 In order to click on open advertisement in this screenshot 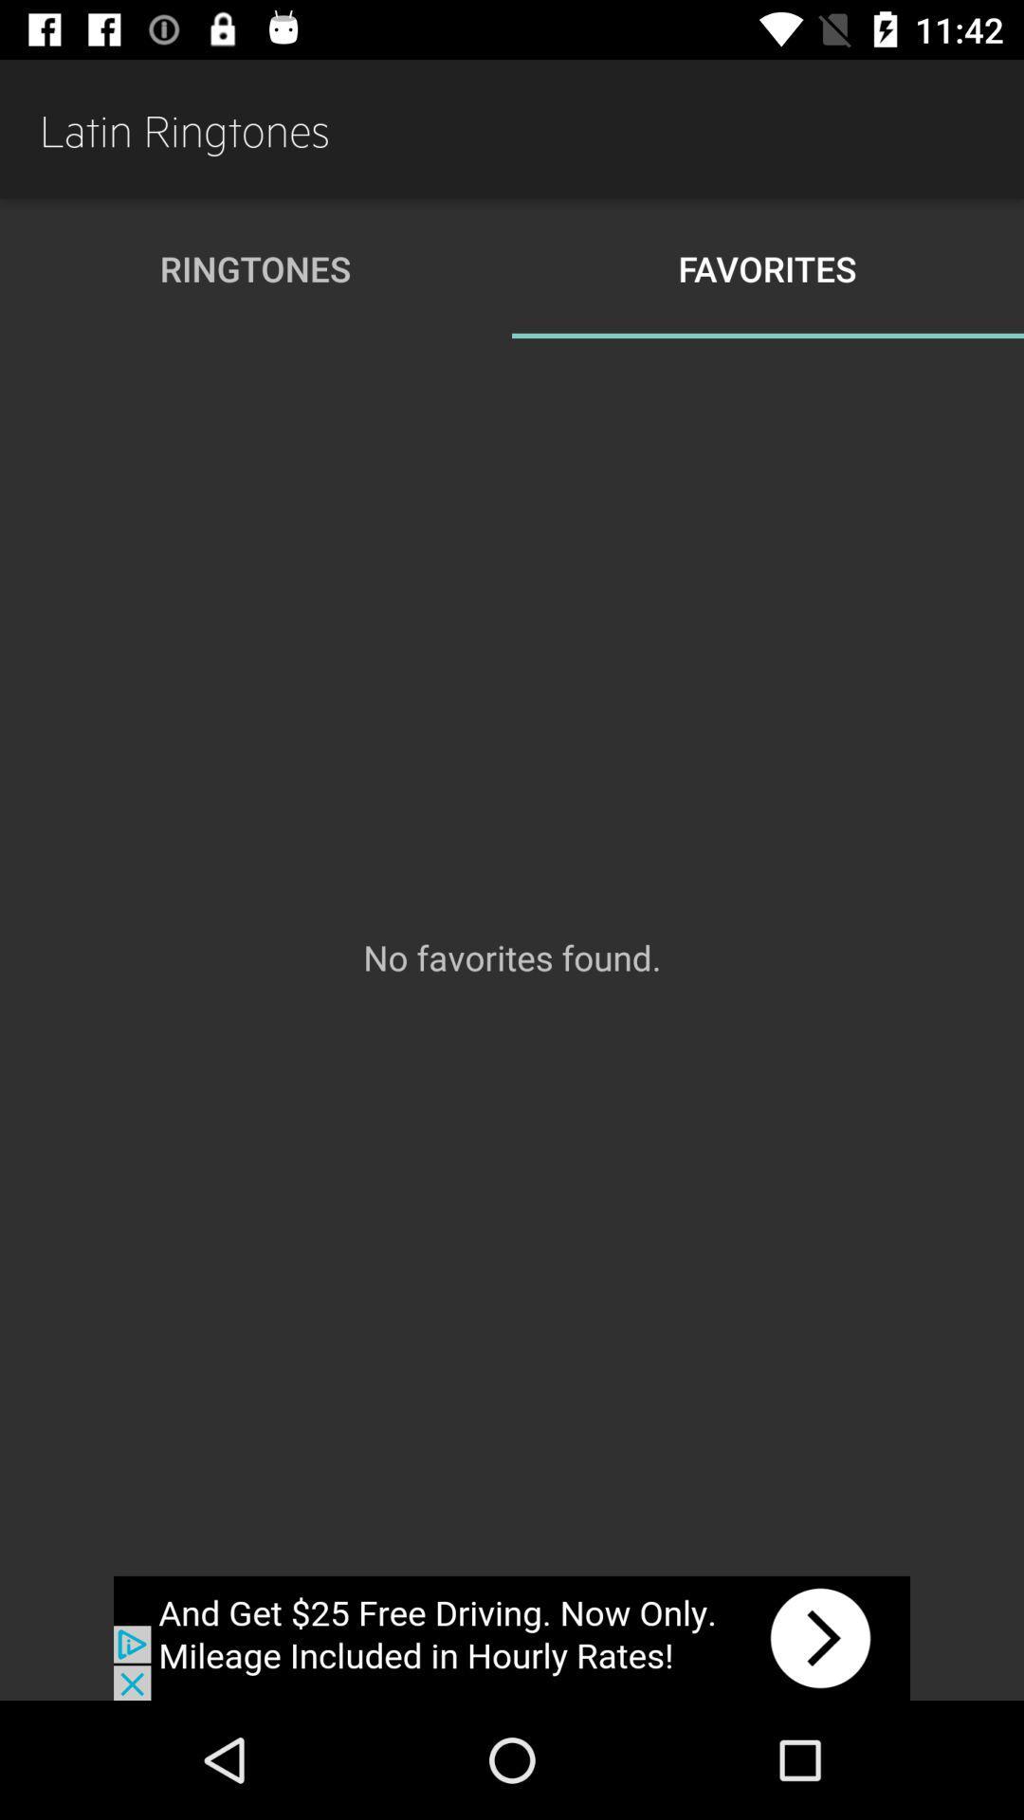, I will do `click(512, 1637)`.